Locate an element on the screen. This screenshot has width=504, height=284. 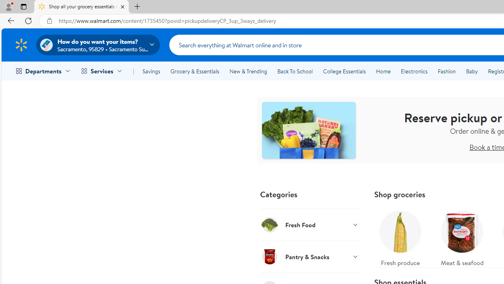
'Home' is located at coordinates (383, 71).